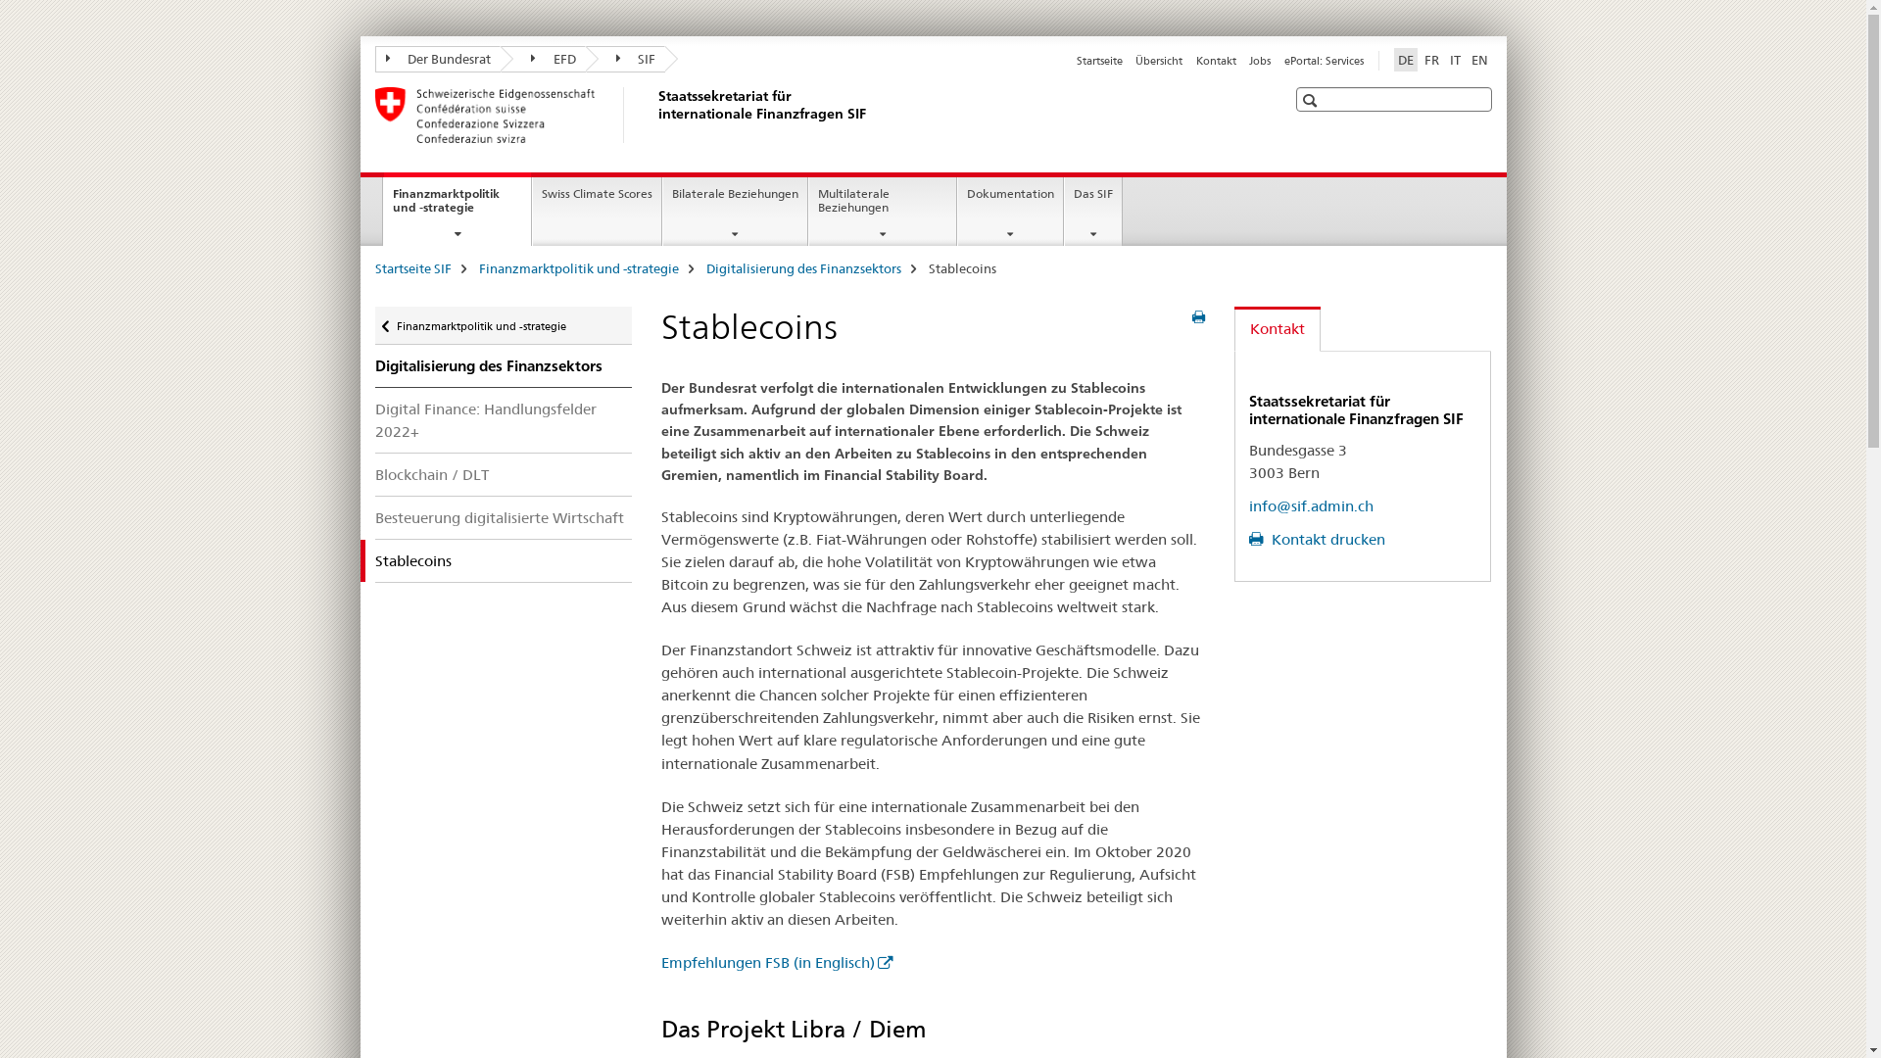  What do you see at coordinates (1010, 212) in the screenshot?
I see `'Dokumentation'` at bounding box center [1010, 212].